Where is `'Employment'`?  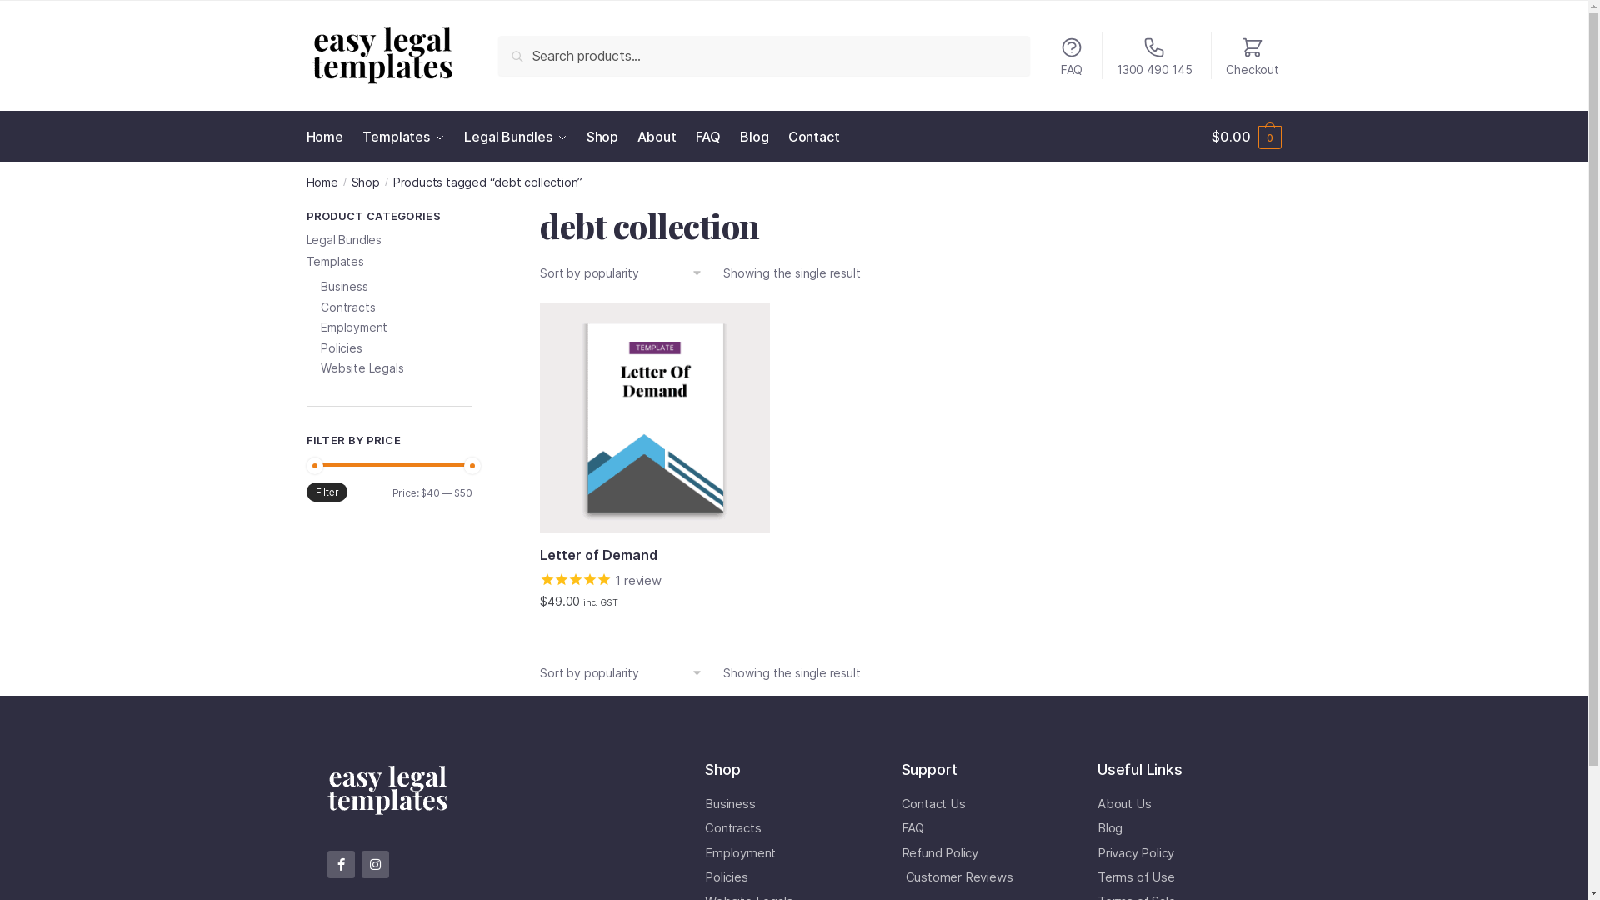 'Employment' is located at coordinates (704, 852).